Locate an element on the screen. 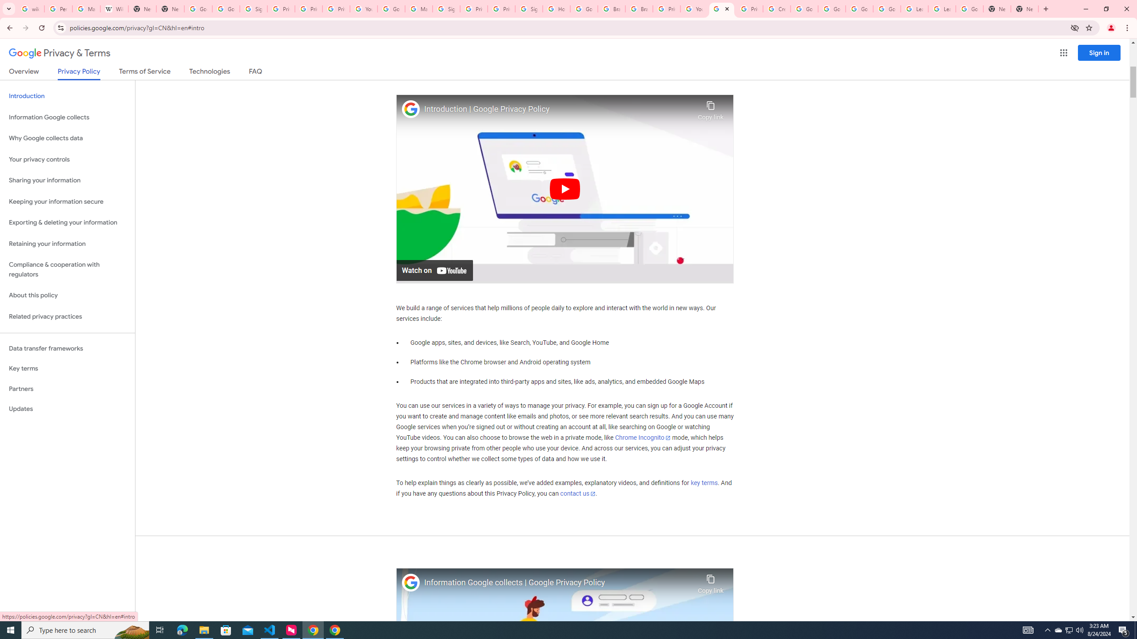 Image resolution: width=1137 pixels, height=639 pixels. 'Keeping your information secure' is located at coordinates (67, 202).